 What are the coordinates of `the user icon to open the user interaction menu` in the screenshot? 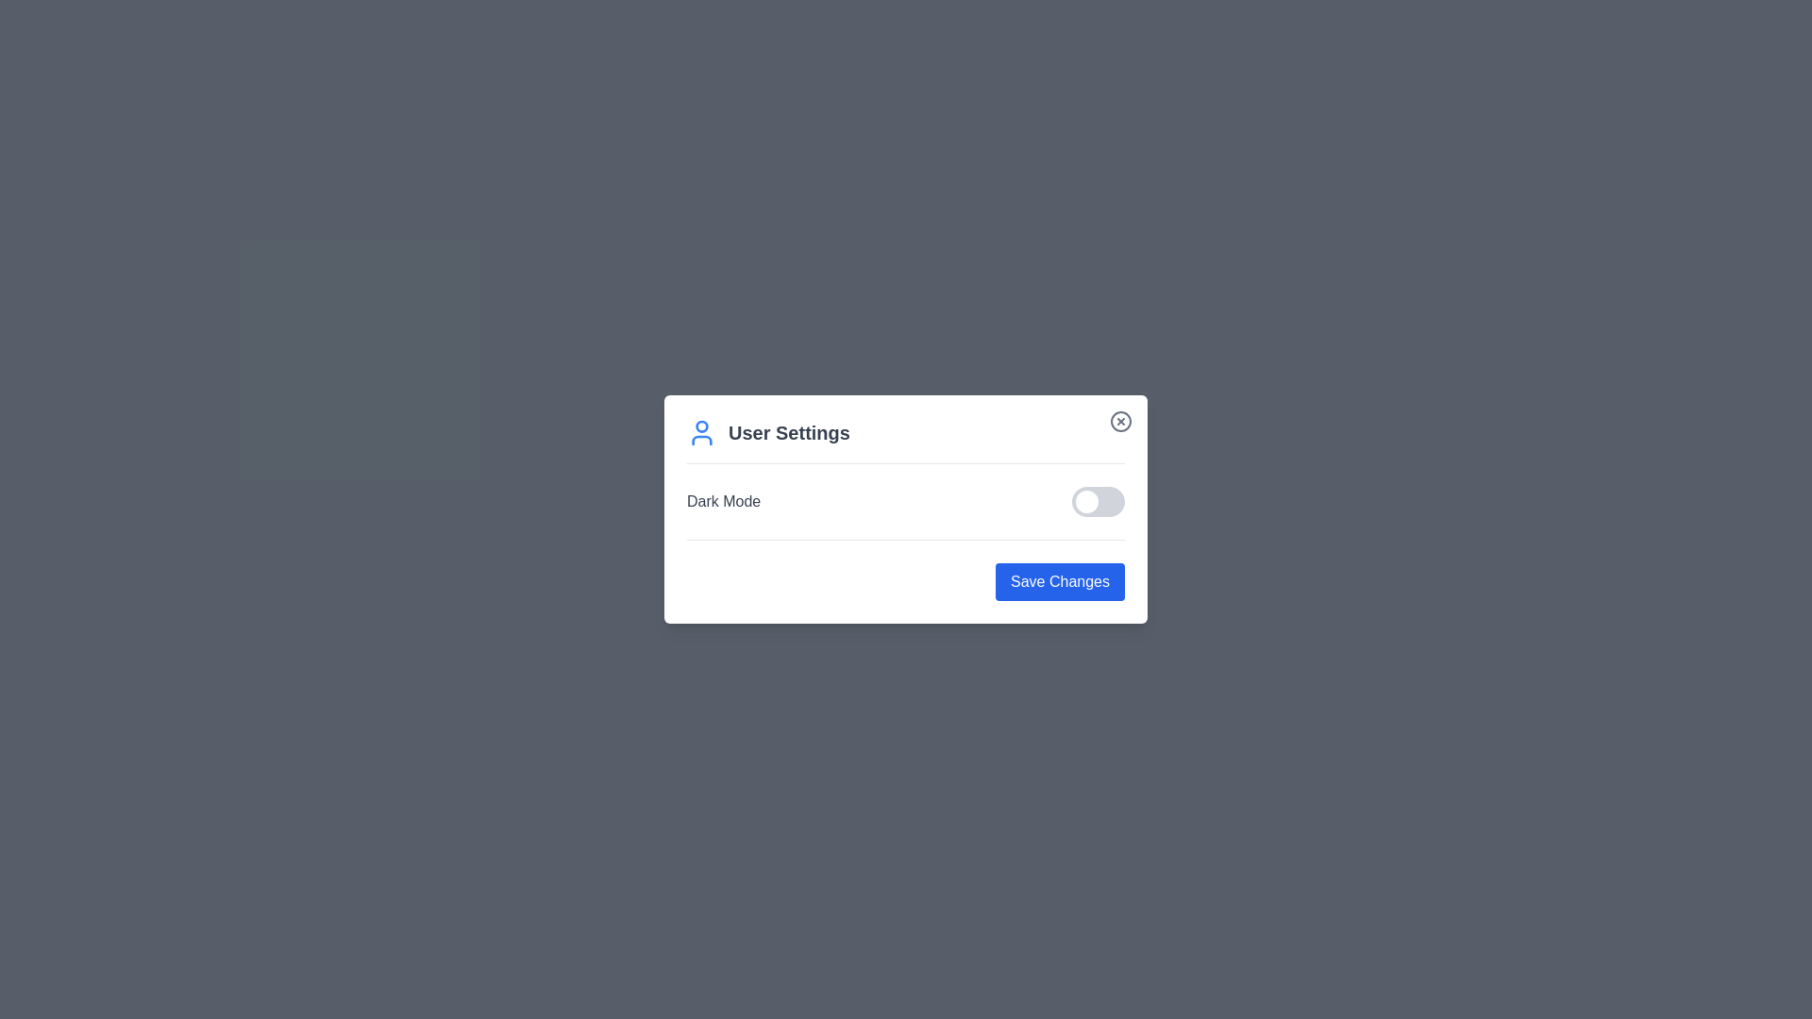 It's located at (701, 433).